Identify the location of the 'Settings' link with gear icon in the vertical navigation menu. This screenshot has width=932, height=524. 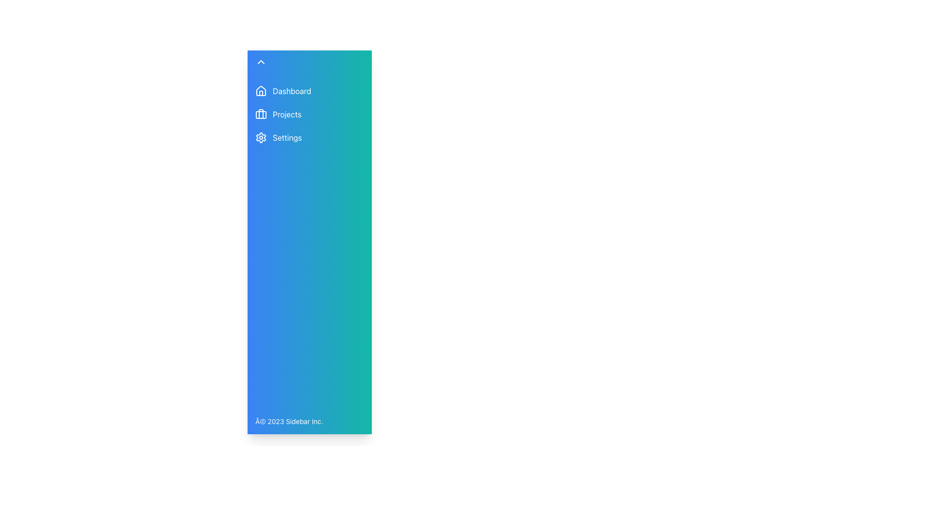
(288, 138).